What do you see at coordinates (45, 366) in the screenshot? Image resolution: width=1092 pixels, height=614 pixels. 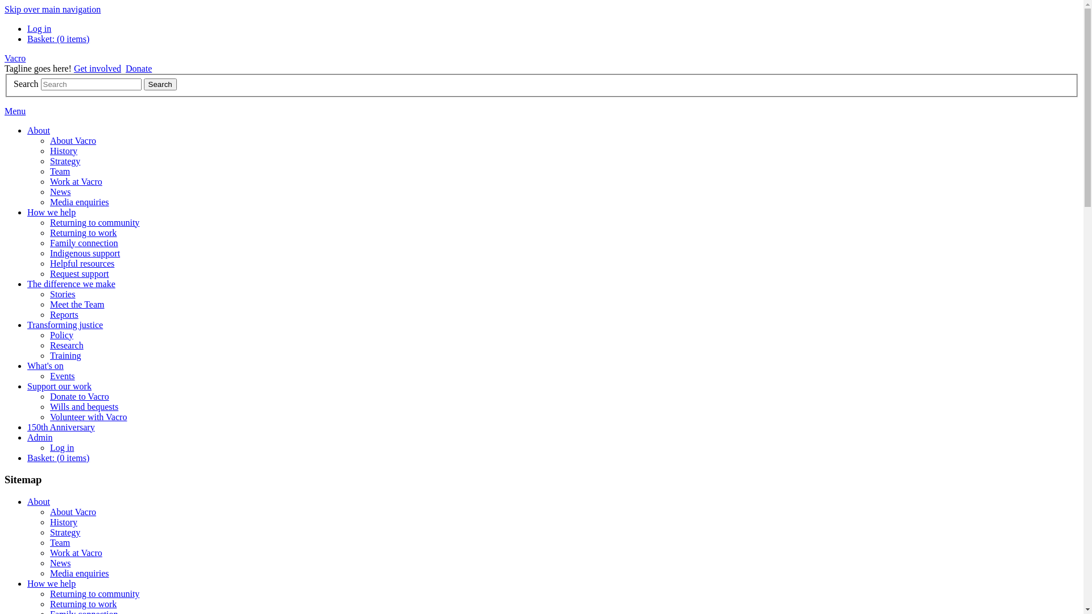 I see `'What's on'` at bounding box center [45, 366].